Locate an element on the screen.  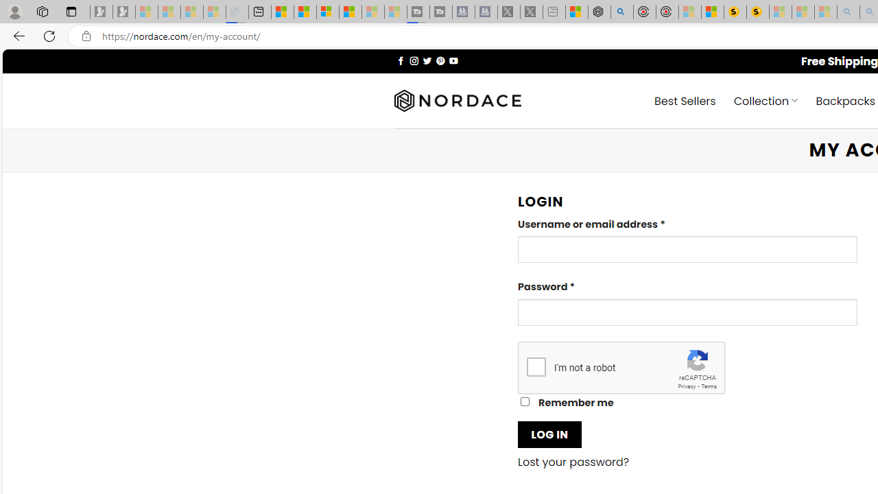
'Overview' is located at coordinates (327, 12).